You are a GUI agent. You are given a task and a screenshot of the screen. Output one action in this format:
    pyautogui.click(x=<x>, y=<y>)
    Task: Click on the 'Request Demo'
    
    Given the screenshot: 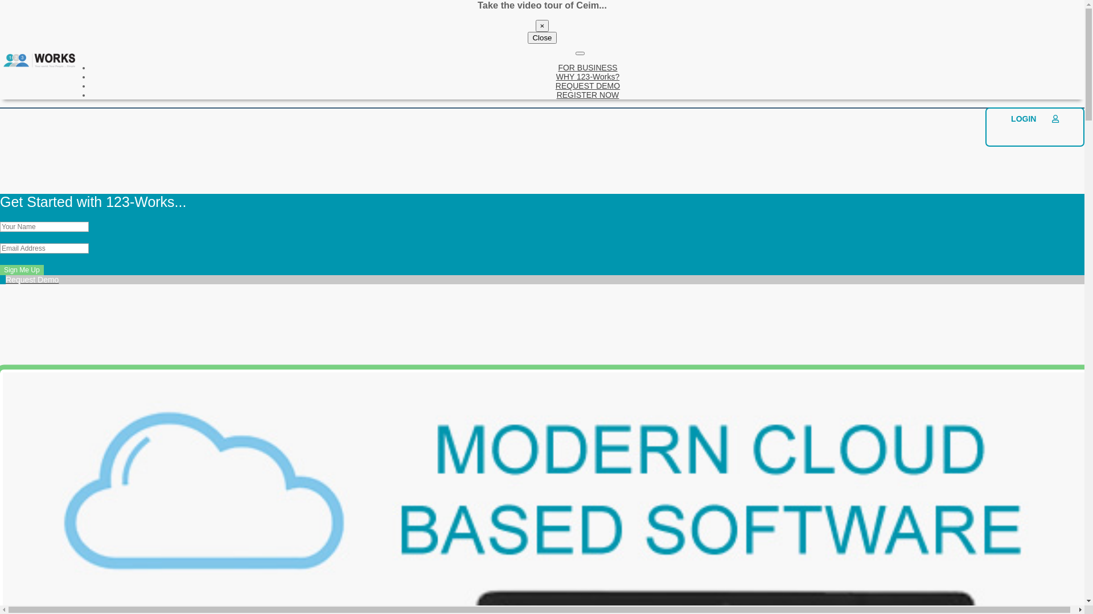 What is the action you would take?
    pyautogui.click(x=0, y=284)
    